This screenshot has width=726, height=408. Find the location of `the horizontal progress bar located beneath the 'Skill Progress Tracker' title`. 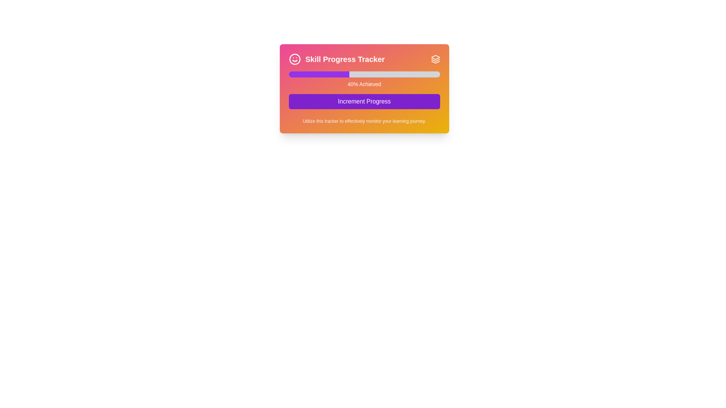

the horizontal progress bar located beneath the 'Skill Progress Tracker' title is located at coordinates (364, 74).